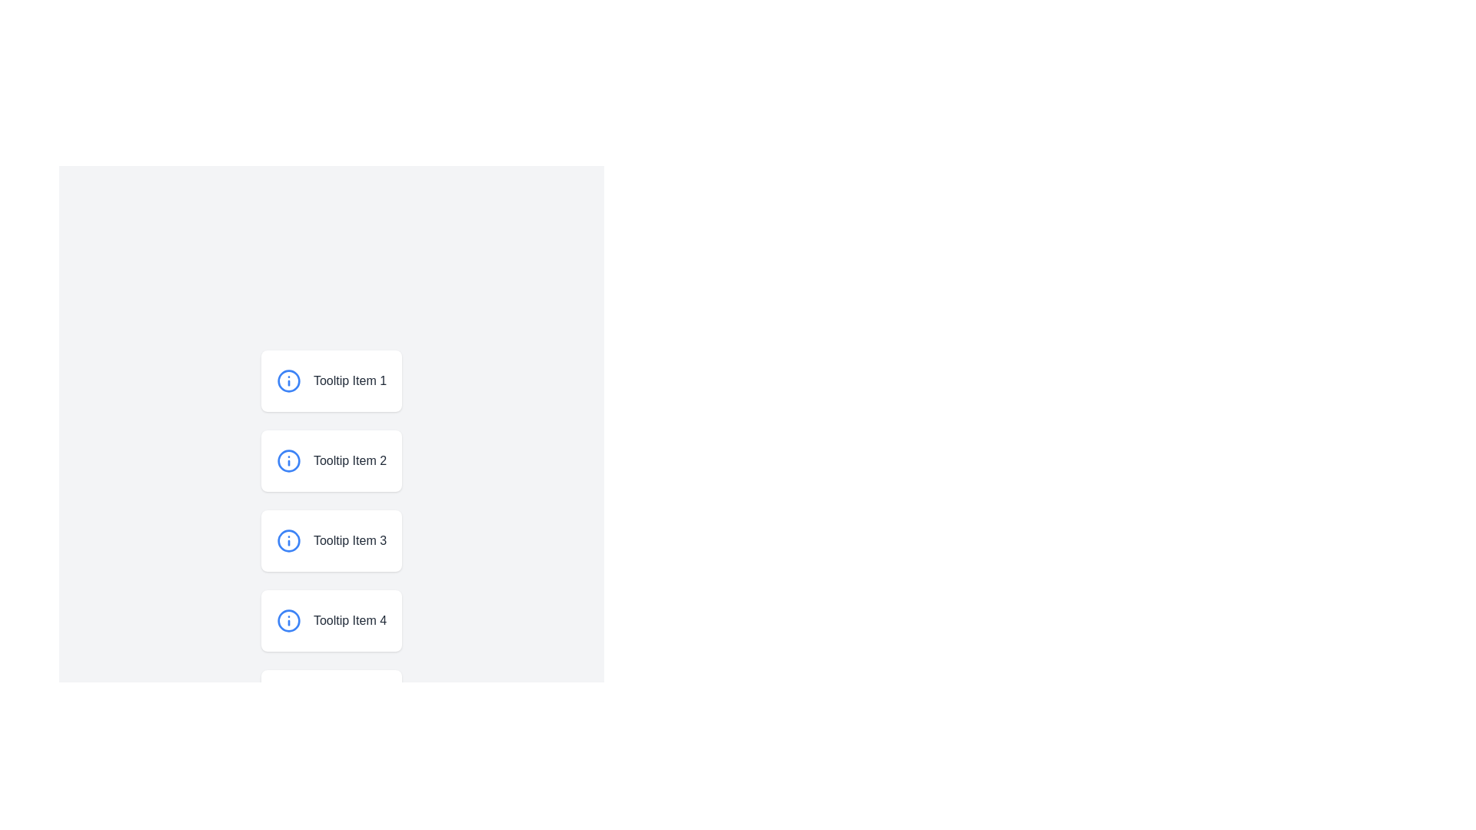 The height and width of the screenshot is (830, 1476). I want to click on the visual appearance of the circular outline of the information icon, which is part of the second row of tooltip items, so click(288, 380).